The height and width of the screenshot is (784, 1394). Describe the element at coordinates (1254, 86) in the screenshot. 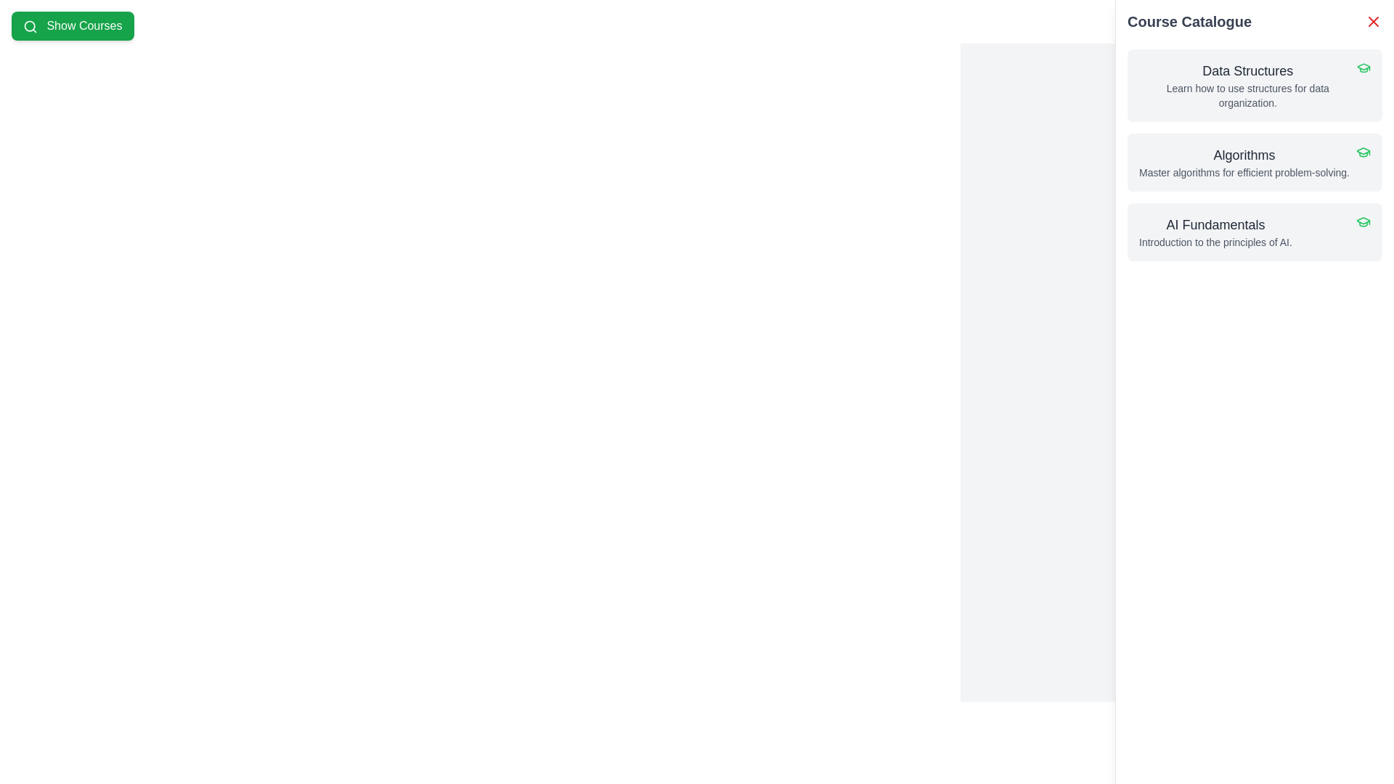

I see `to select the course titled 'Data Structures' from the first item in the Course Catalogue list` at that location.